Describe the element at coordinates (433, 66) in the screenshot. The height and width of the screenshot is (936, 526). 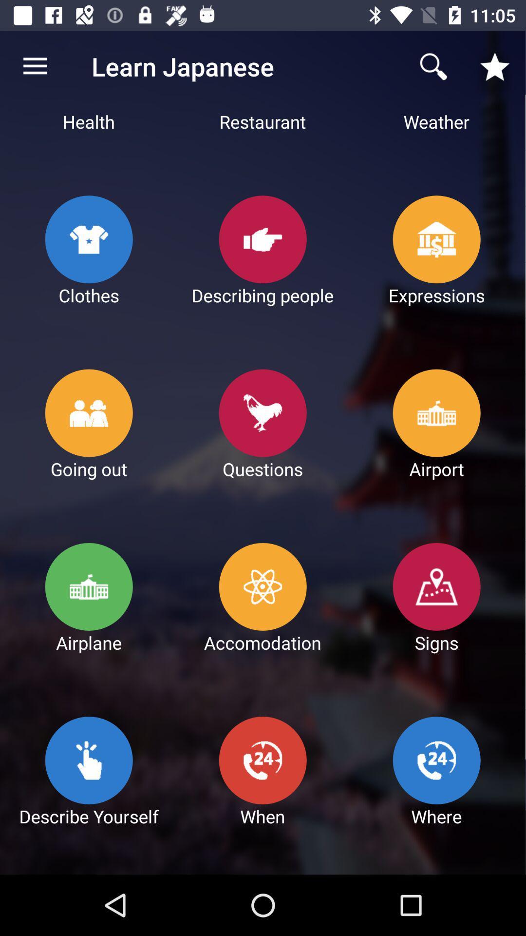
I see `search button` at that location.